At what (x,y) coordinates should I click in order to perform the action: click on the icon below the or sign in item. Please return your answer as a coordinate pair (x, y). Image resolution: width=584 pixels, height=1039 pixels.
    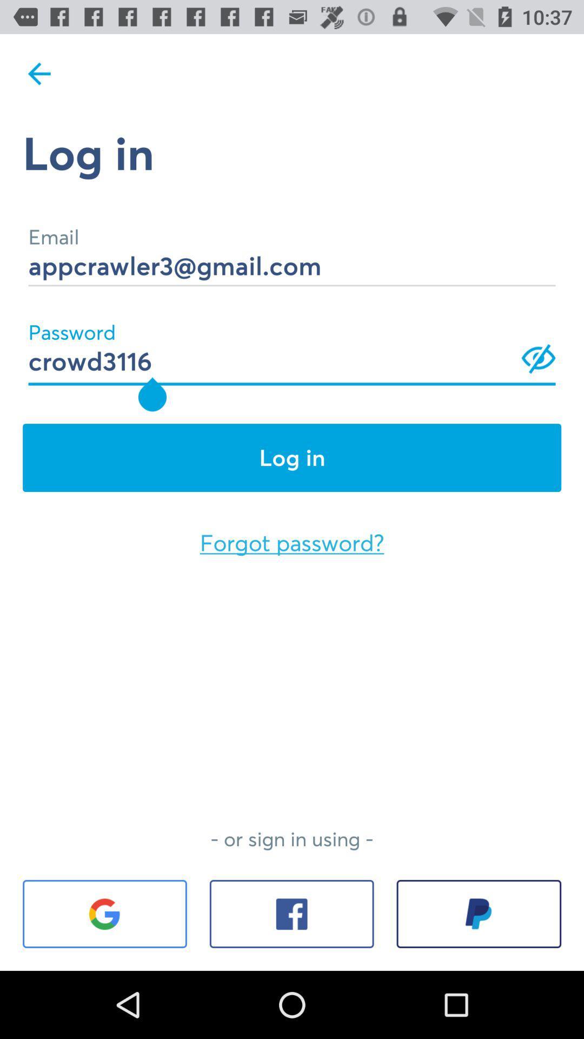
    Looking at the image, I should click on (291, 913).